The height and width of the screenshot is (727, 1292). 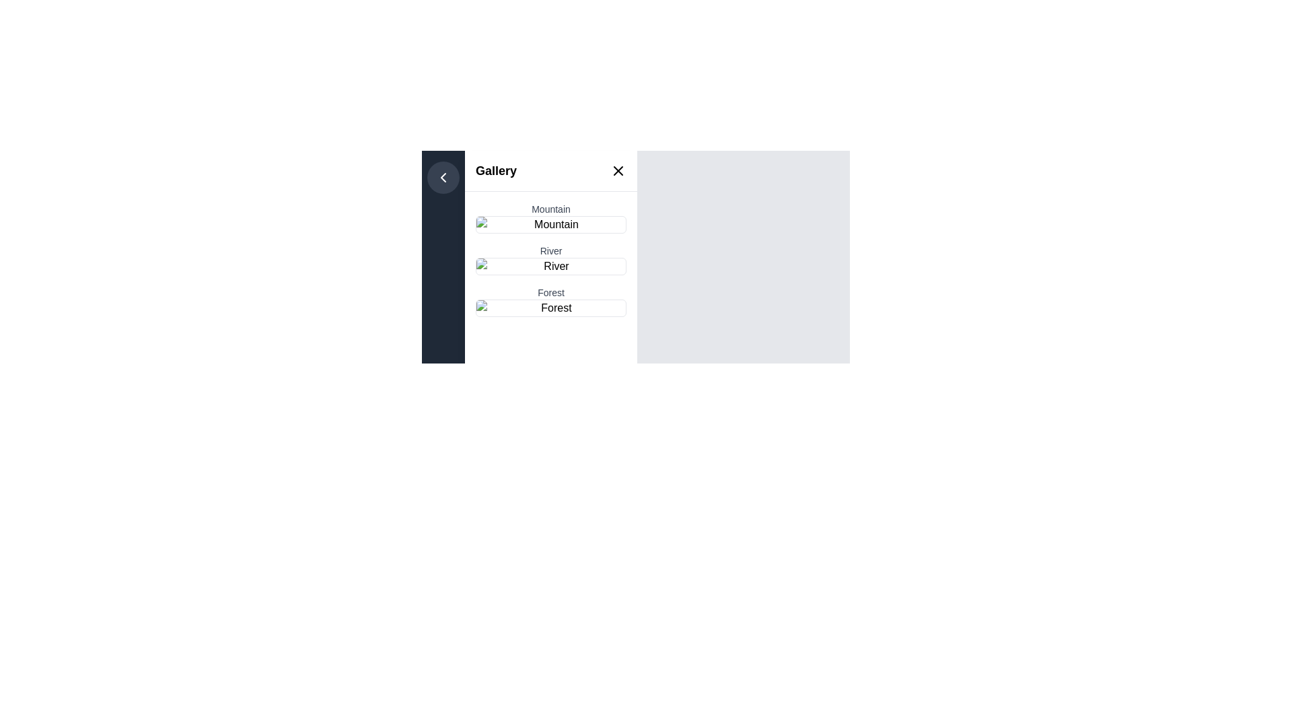 What do you see at coordinates (551, 292) in the screenshot?
I see `the Text label that provides information for the associated content item in the vertical list, specifically the fourth item listed, located between 'River' and 'Forest'` at bounding box center [551, 292].